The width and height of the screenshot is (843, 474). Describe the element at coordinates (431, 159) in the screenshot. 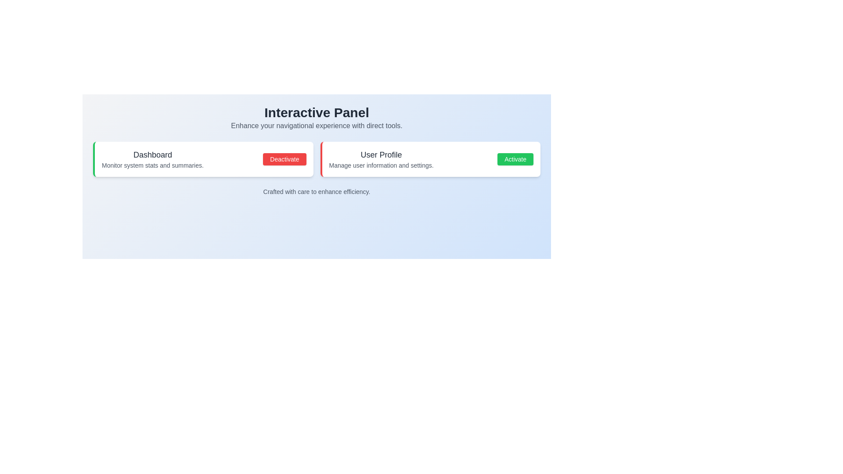

I see `the 'User Profile' section` at that location.